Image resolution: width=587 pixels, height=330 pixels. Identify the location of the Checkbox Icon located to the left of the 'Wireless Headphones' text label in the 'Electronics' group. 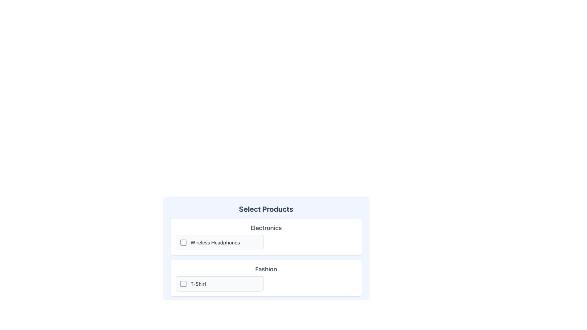
(183, 242).